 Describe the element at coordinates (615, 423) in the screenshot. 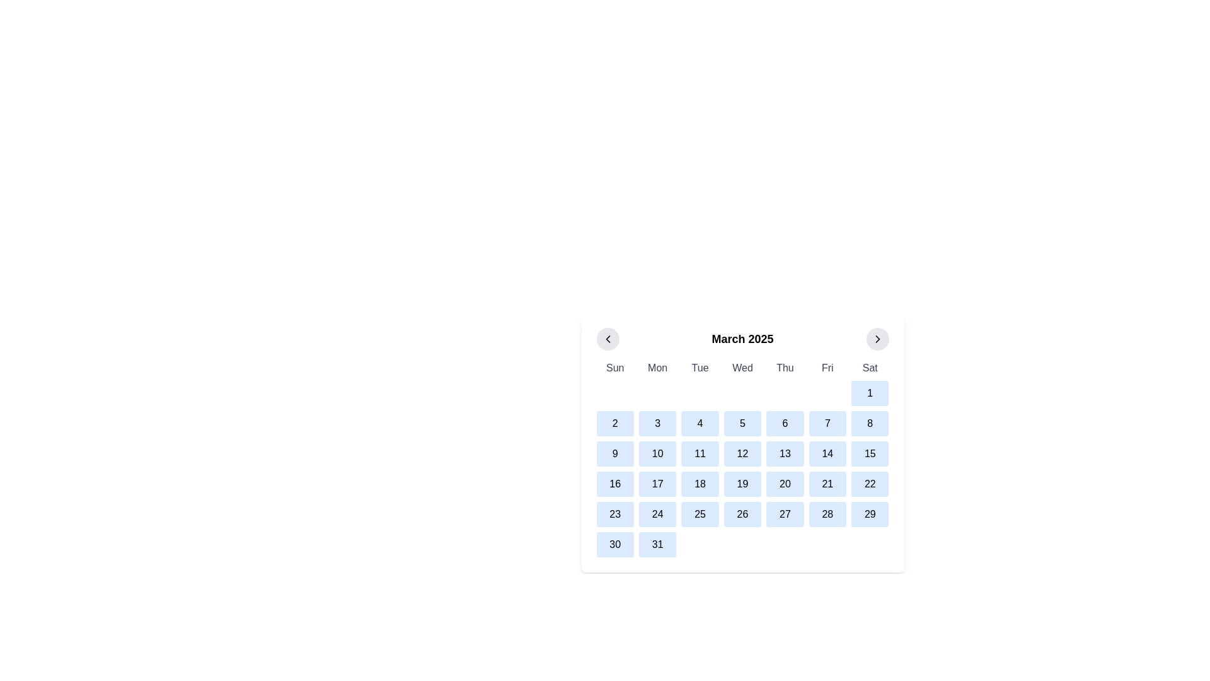

I see `the button representing the 2nd day of the month in the calendar grid located under the 'Sun' column` at that location.